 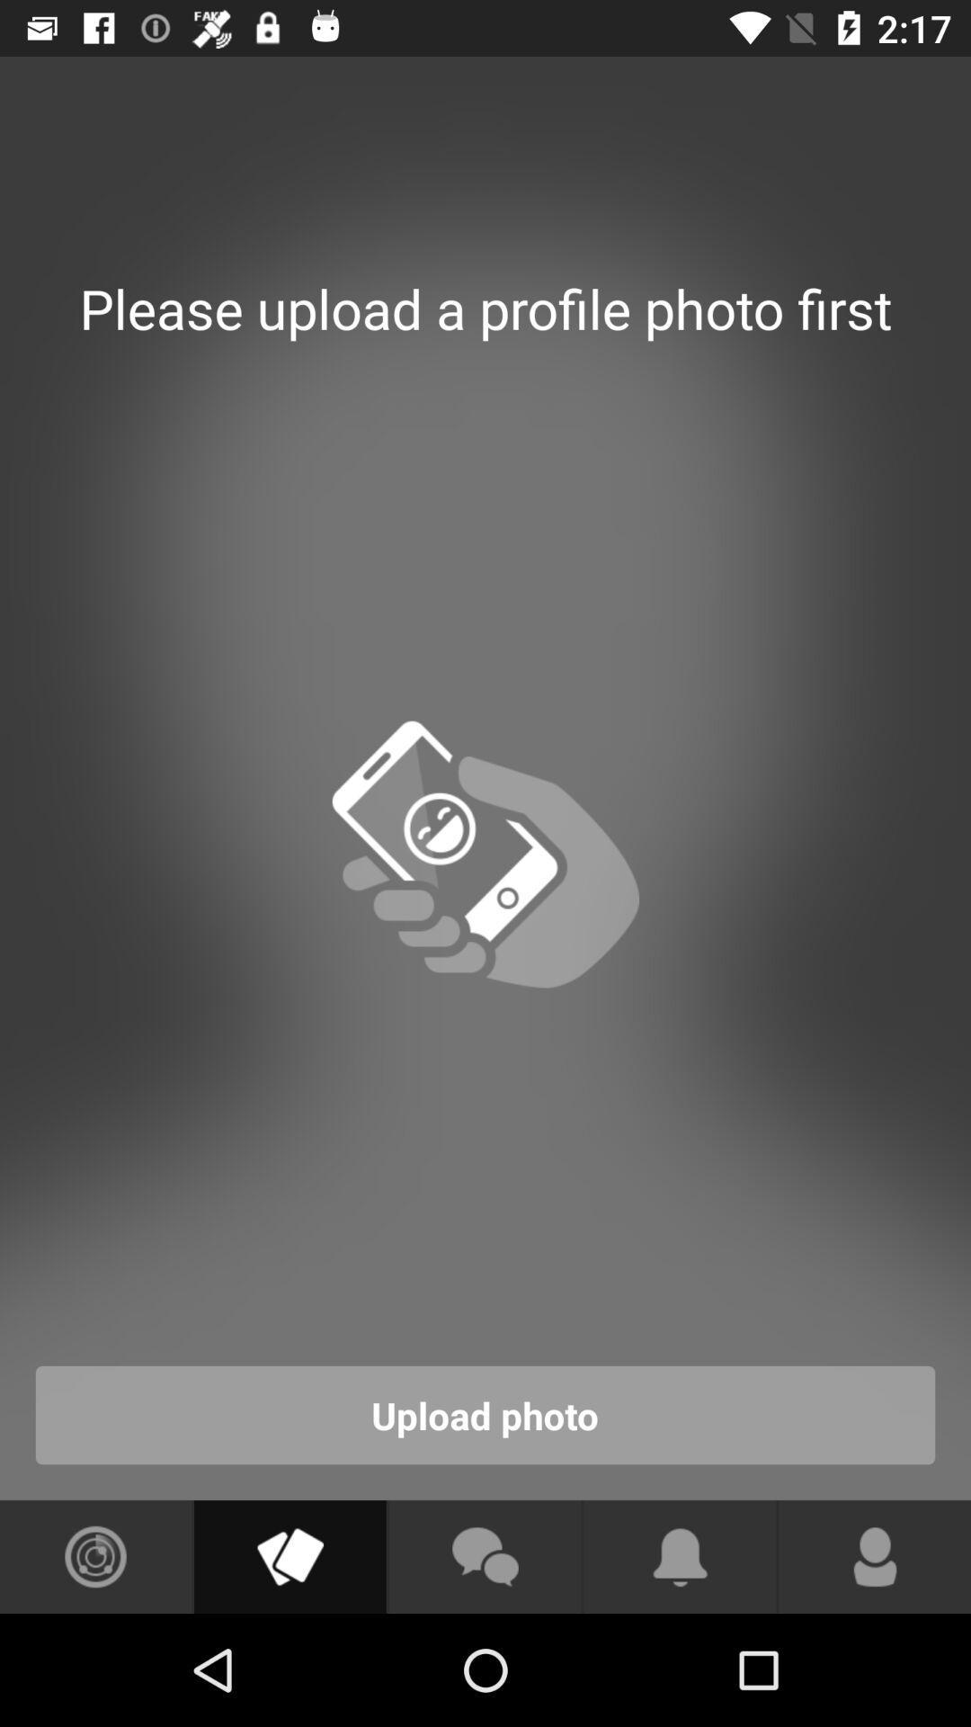 I want to click on open profile, so click(x=874, y=1556).